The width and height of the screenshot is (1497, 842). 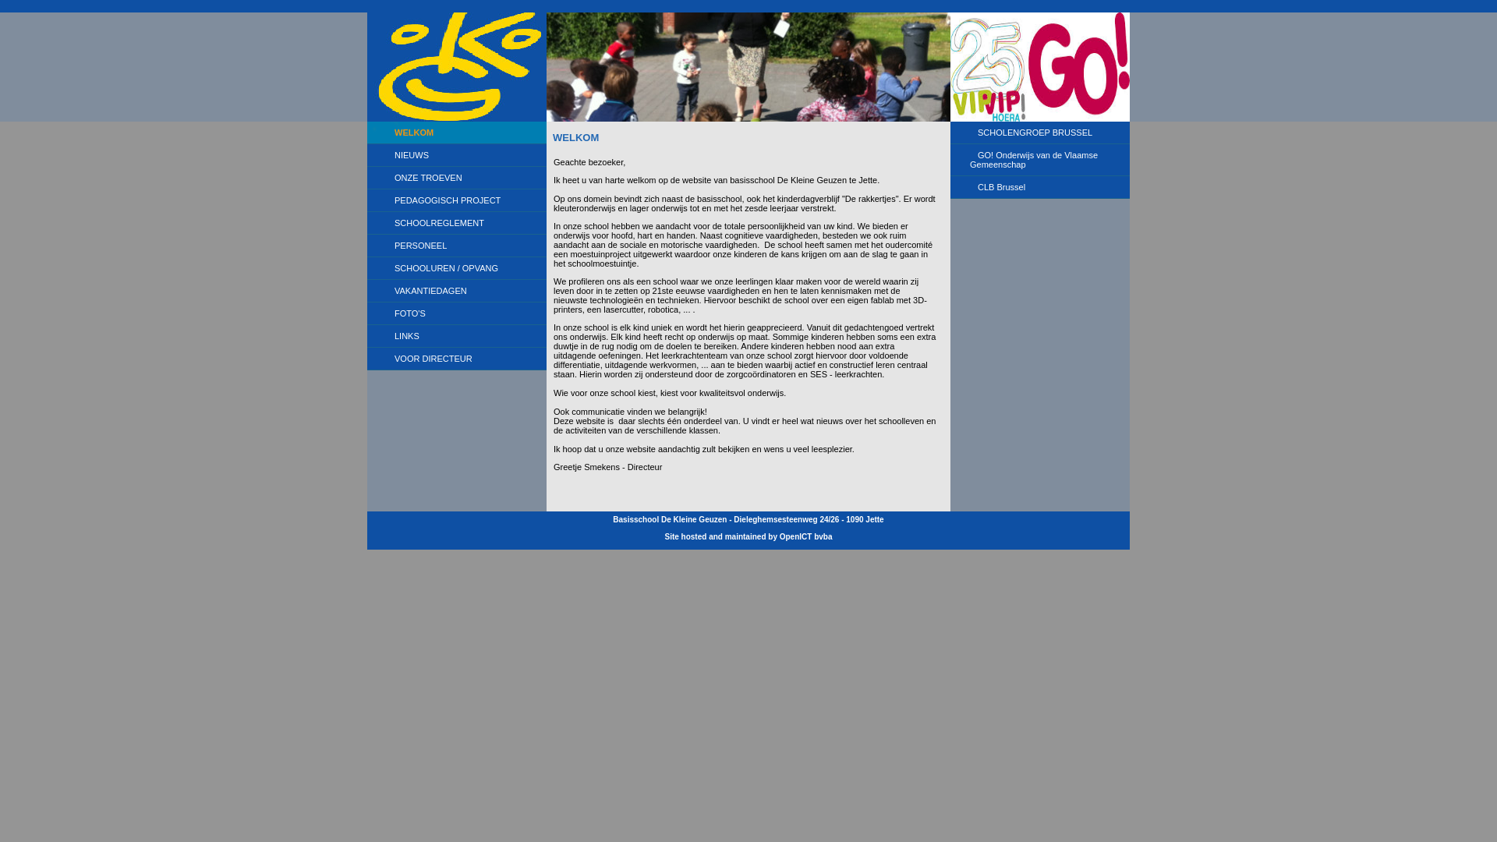 What do you see at coordinates (455, 223) in the screenshot?
I see `'SCHOOLREGLEMENT'` at bounding box center [455, 223].